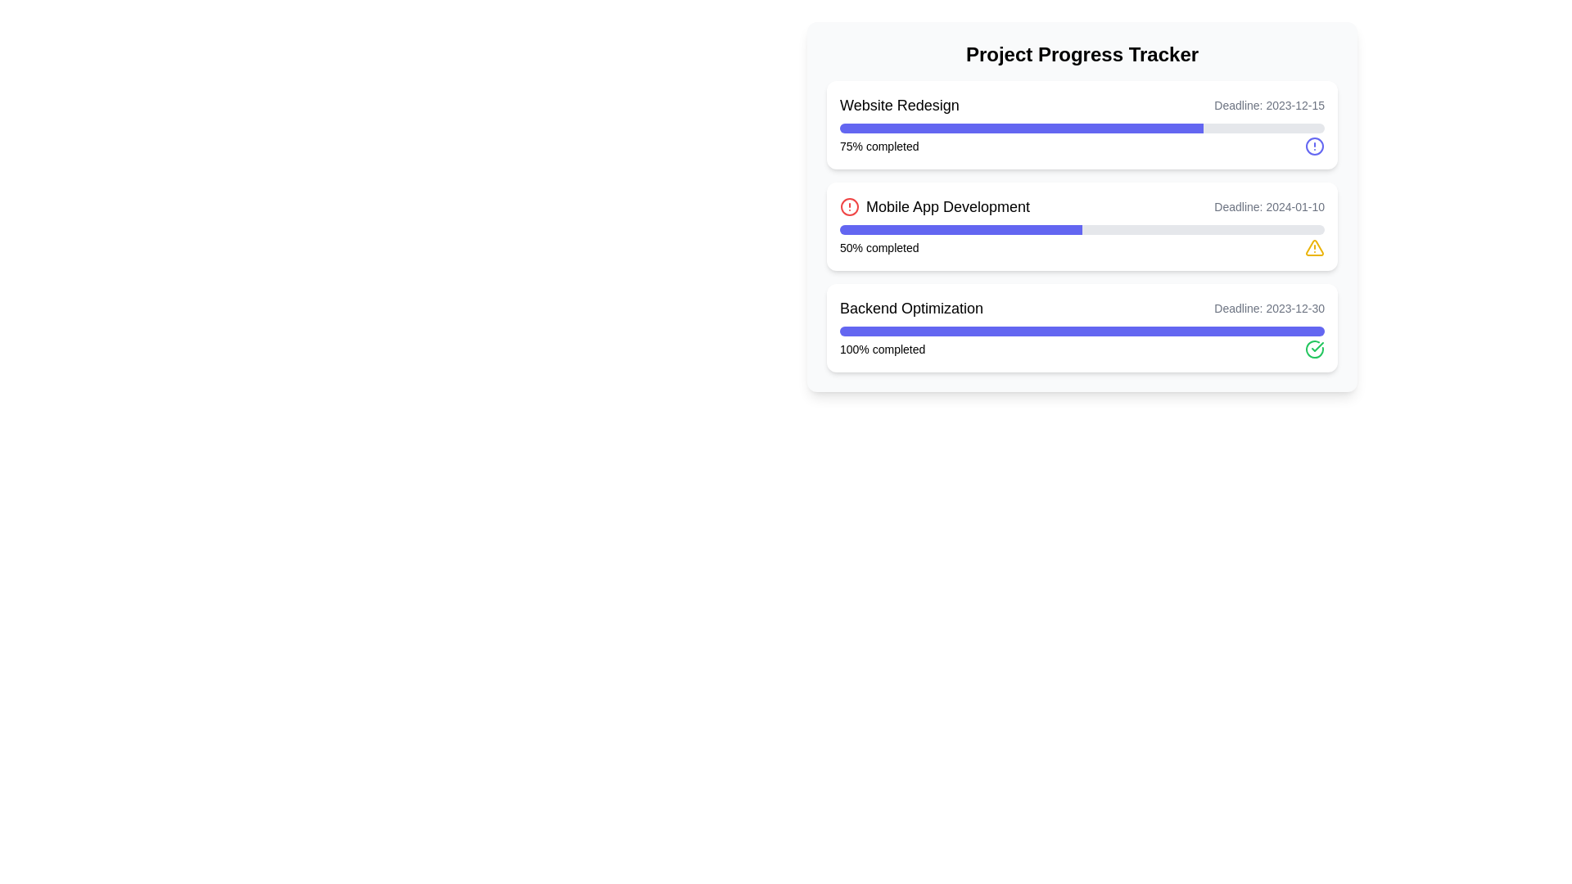 This screenshot has width=1572, height=884. What do you see at coordinates (910, 309) in the screenshot?
I see `text content of the 'Backend Optimization' label, which is a bold text element located in the bottom section of the UI list, above the 'Deadline: 2023-12-30'` at bounding box center [910, 309].